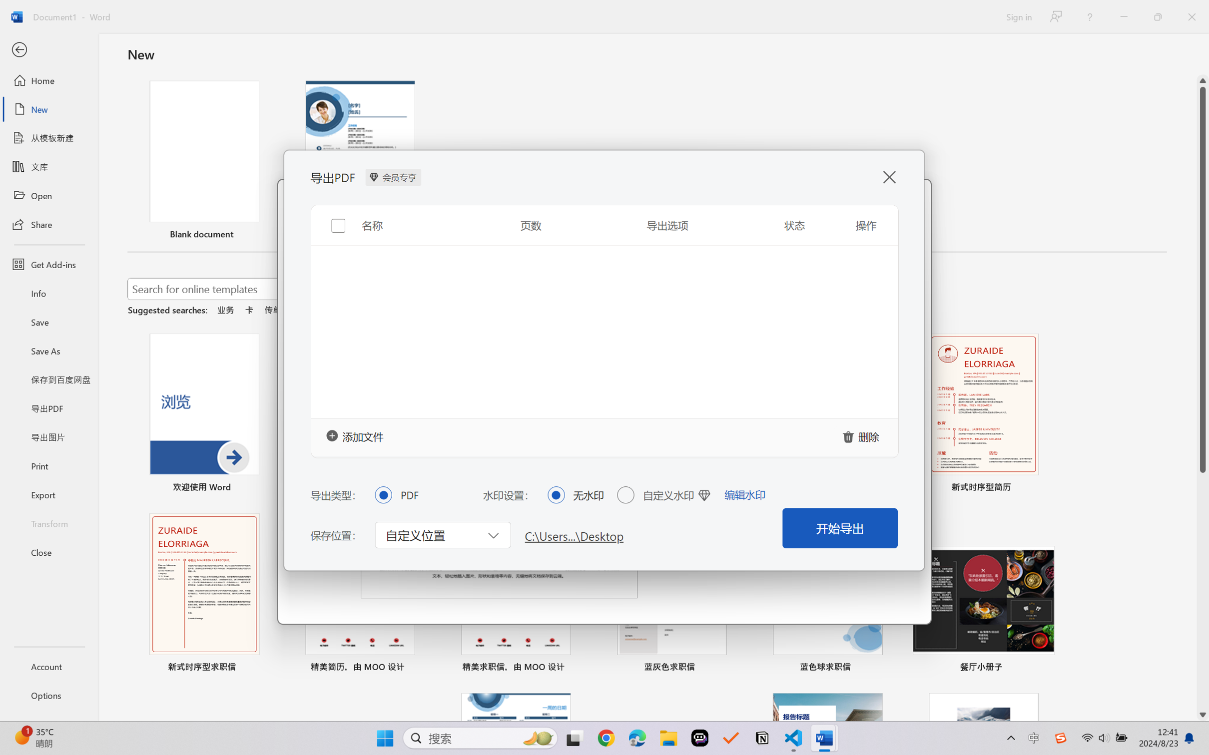 This screenshot has width=1209, height=755. What do you see at coordinates (204, 161) in the screenshot?
I see `'Blank document'` at bounding box center [204, 161].